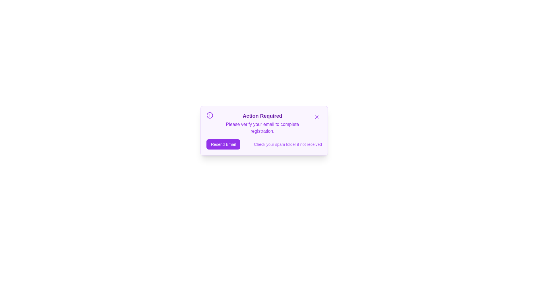 This screenshot has width=546, height=307. I want to click on the close button located at the top-right corner of the alert, so click(316, 117).